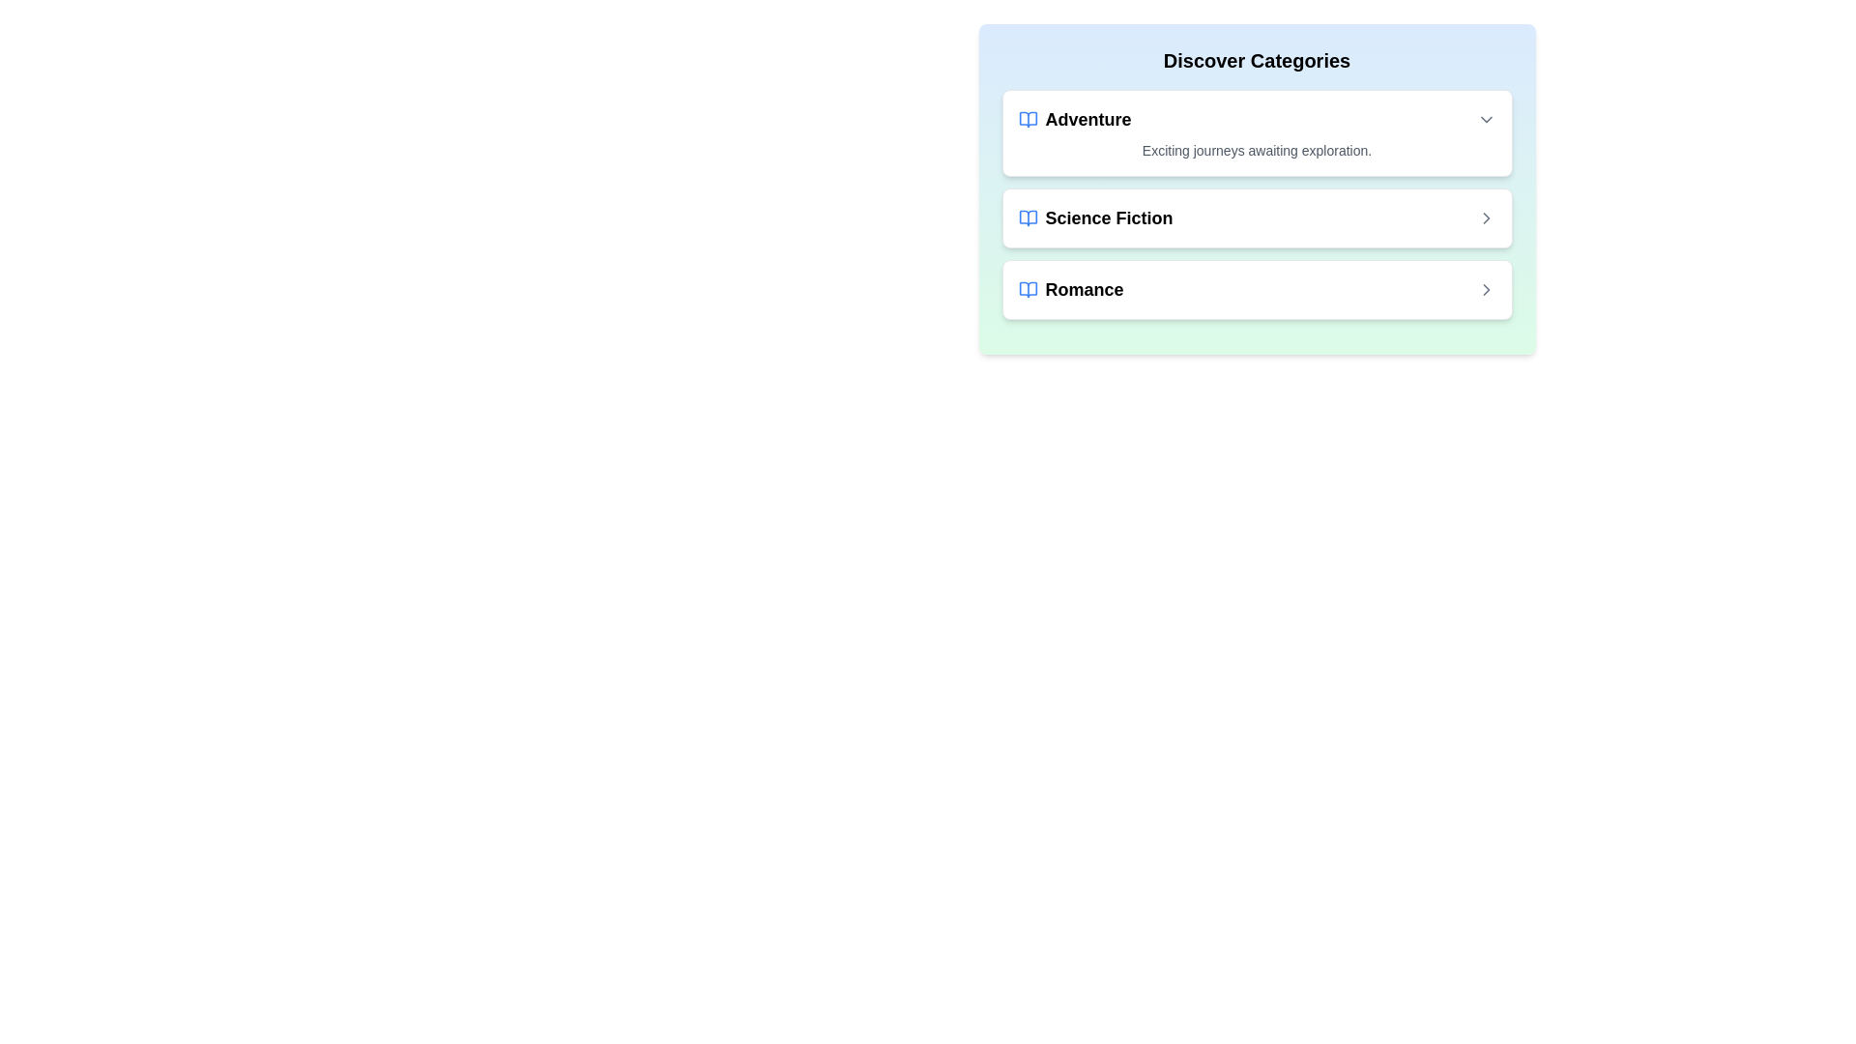  Describe the element at coordinates (1257, 132) in the screenshot. I see `the category Adventure to see the hover effect` at that location.